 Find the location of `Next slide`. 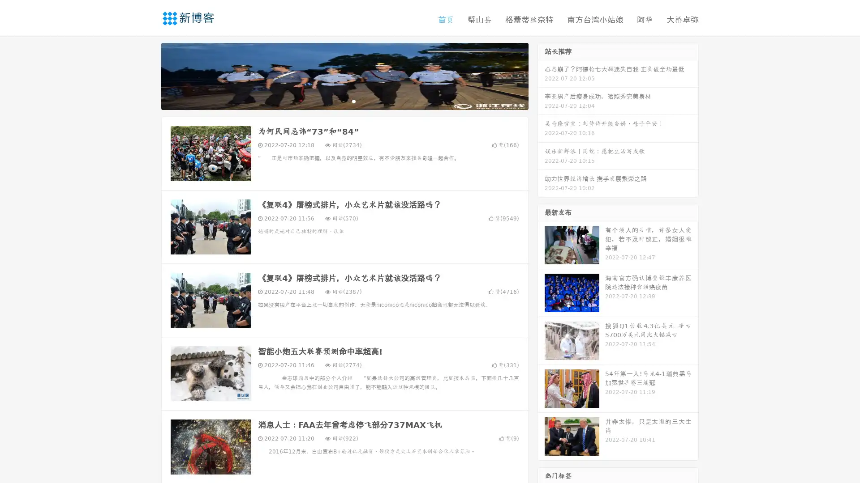

Next slide is located at coordinates (541, 75).